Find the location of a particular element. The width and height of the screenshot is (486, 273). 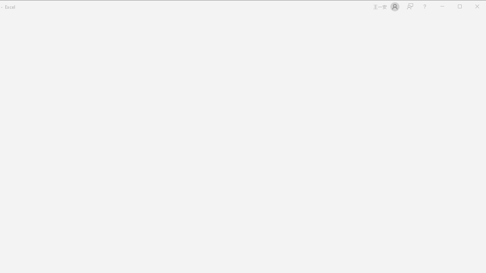

'Maximize' is located at coordinates (470, 7).